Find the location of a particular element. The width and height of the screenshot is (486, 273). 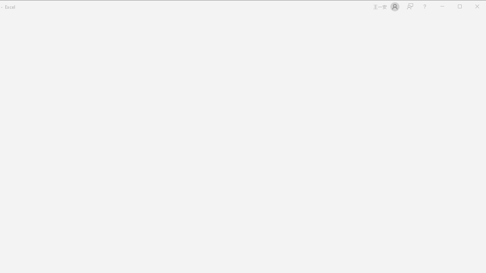

'Maximize' is located at coordinates (470, 7).